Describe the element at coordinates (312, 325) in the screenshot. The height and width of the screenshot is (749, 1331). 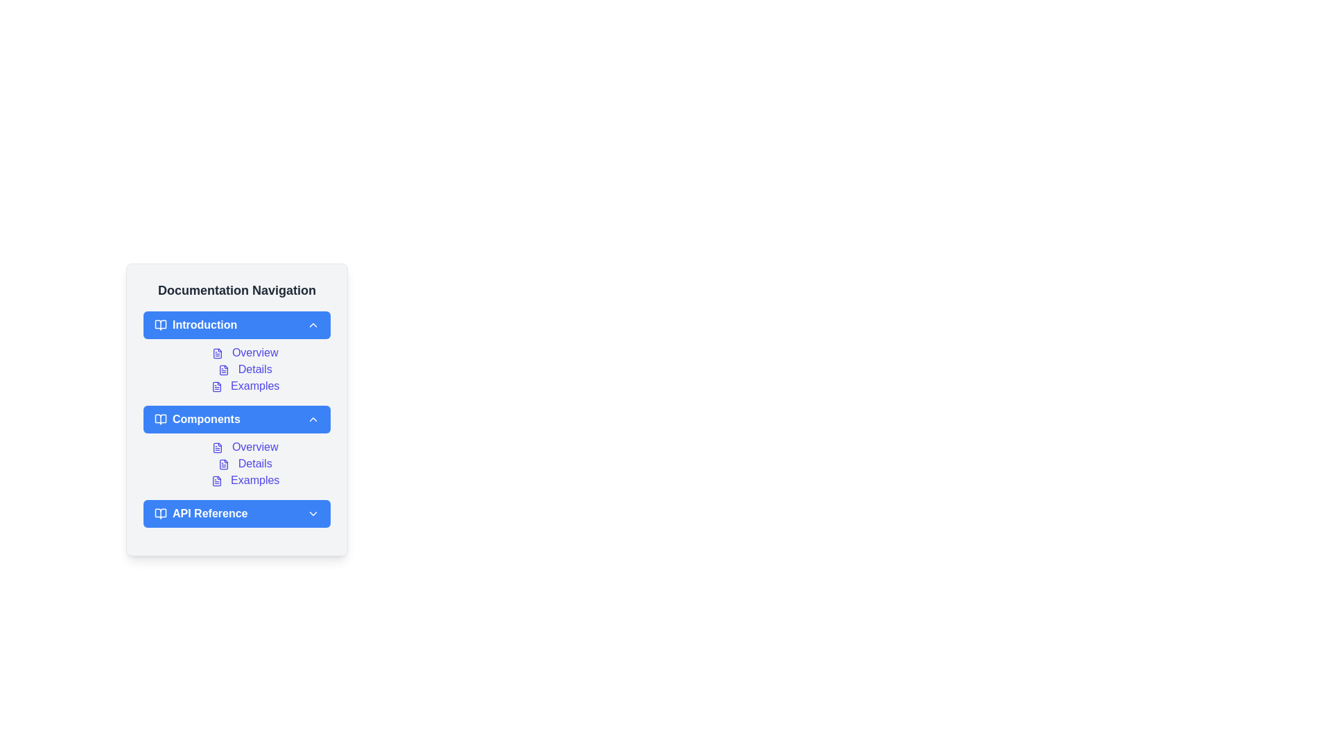
I see `the upward-facing chevron indicator located at the right end of the 'Introduction' section` at that location.